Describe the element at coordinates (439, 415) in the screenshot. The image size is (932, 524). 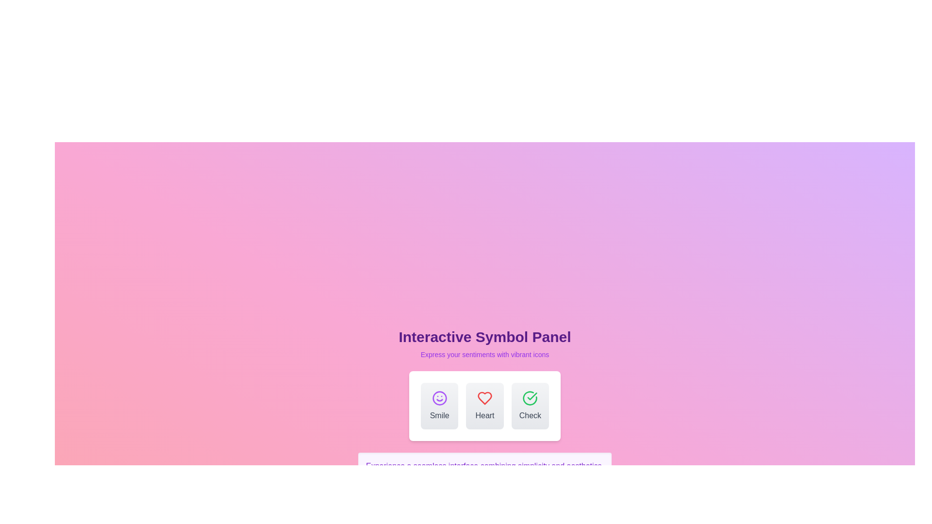
I see `the text label displaying the word 'Smile', which is styled with a medium font weight and gray color, positioned beneath the smiling face icon in the leftmost card of the centered panel` at that location.